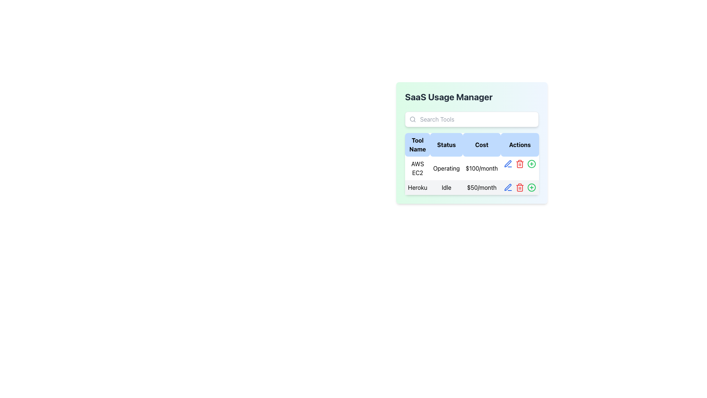 Image resolution: width=707 pixels, height=398 pixels. I want to click on the table header row which contains the columns 'Tool Name', 'Status', 'Cost', and 'Actions', so click(472, 145).